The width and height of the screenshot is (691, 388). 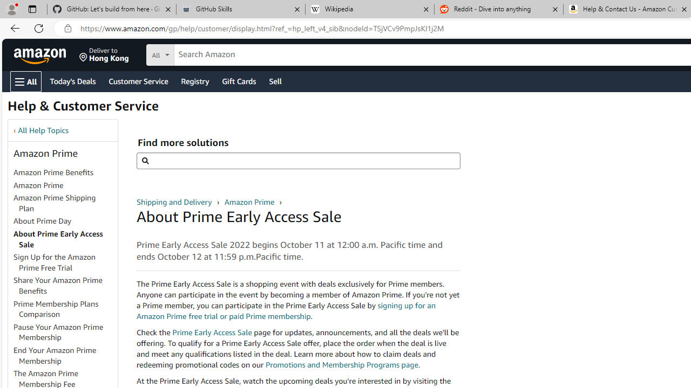 I want to click on 'Amazon', so click(x=41, y=54).